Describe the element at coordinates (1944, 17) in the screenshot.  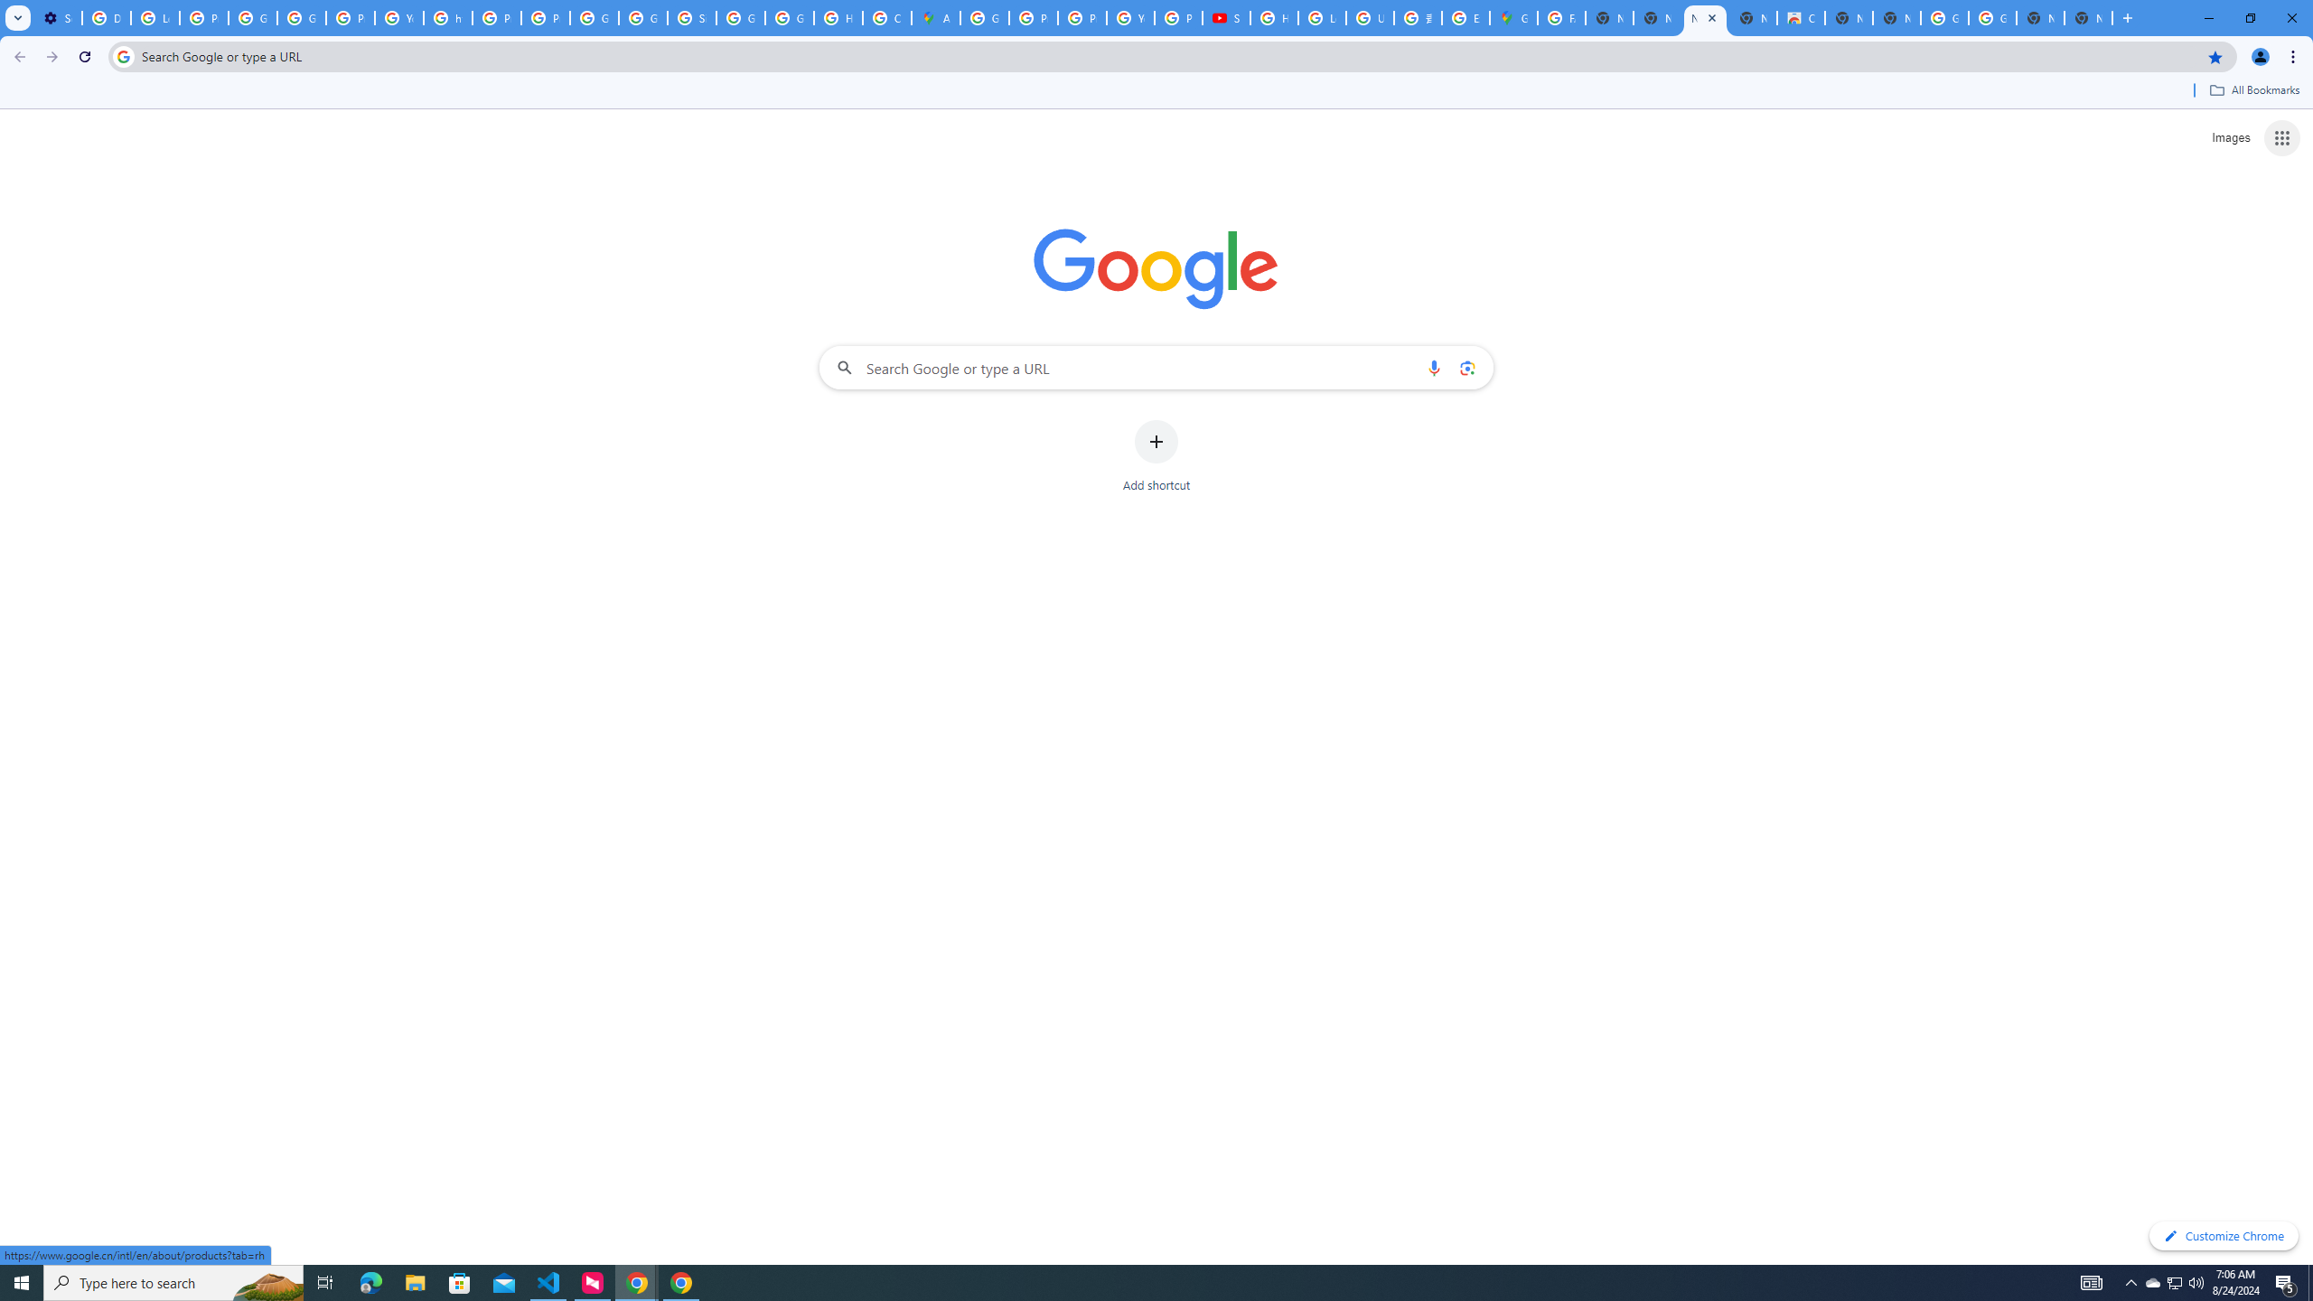
I see `'Google Images'` at that location.